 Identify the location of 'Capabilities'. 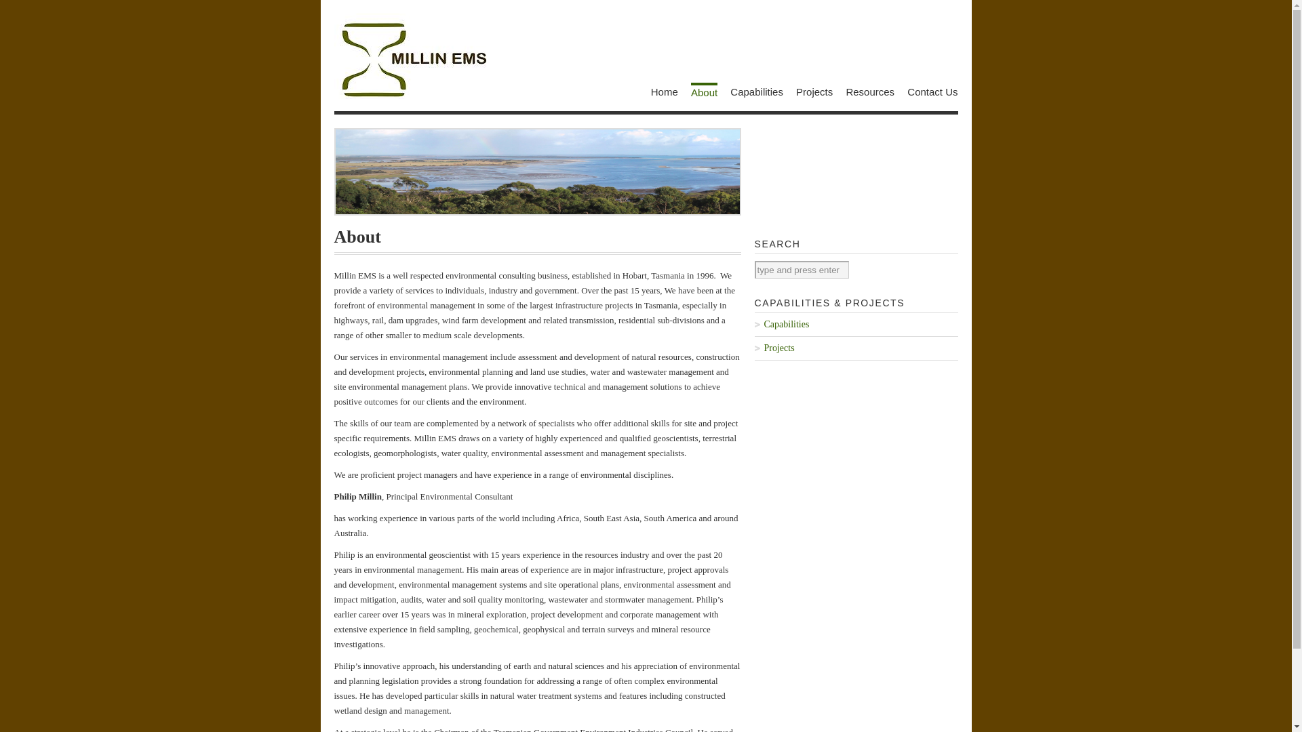
(753, 324).